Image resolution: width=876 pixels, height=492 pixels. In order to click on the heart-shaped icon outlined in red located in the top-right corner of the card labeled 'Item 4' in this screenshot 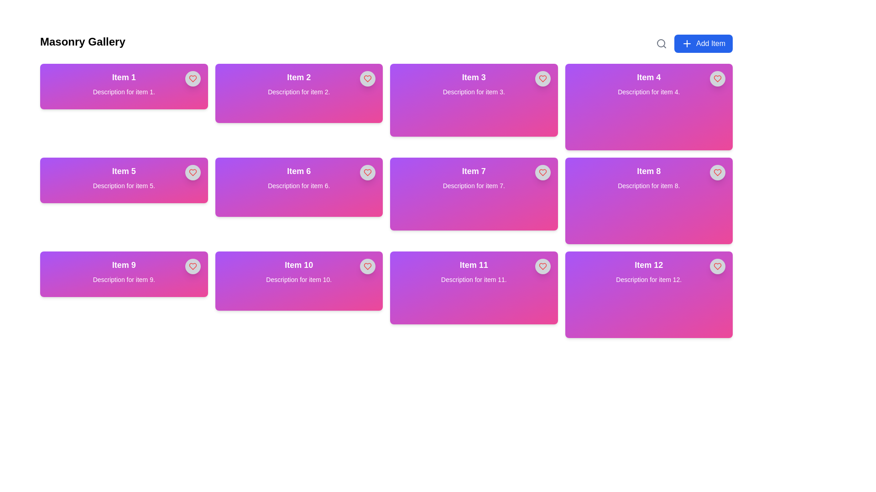, I will do `click(717, 78)`.